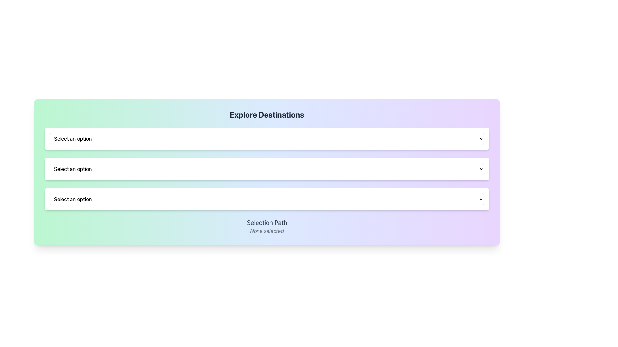  Describe the element at coordinates (267, 114) in the screenshot. I see `the text label 'Explore Destinations' which is styled with bold, large font and positioned at the top of a colorful, gradient background section` at that location.